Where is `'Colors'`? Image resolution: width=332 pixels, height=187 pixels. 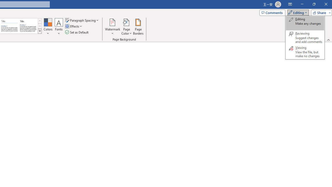
'Colors' is located at coordinates (48, 27).